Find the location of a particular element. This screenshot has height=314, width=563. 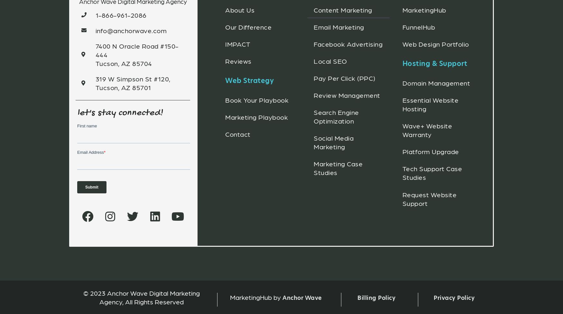

'Content Marketing' is located at coordinates (343, 10).